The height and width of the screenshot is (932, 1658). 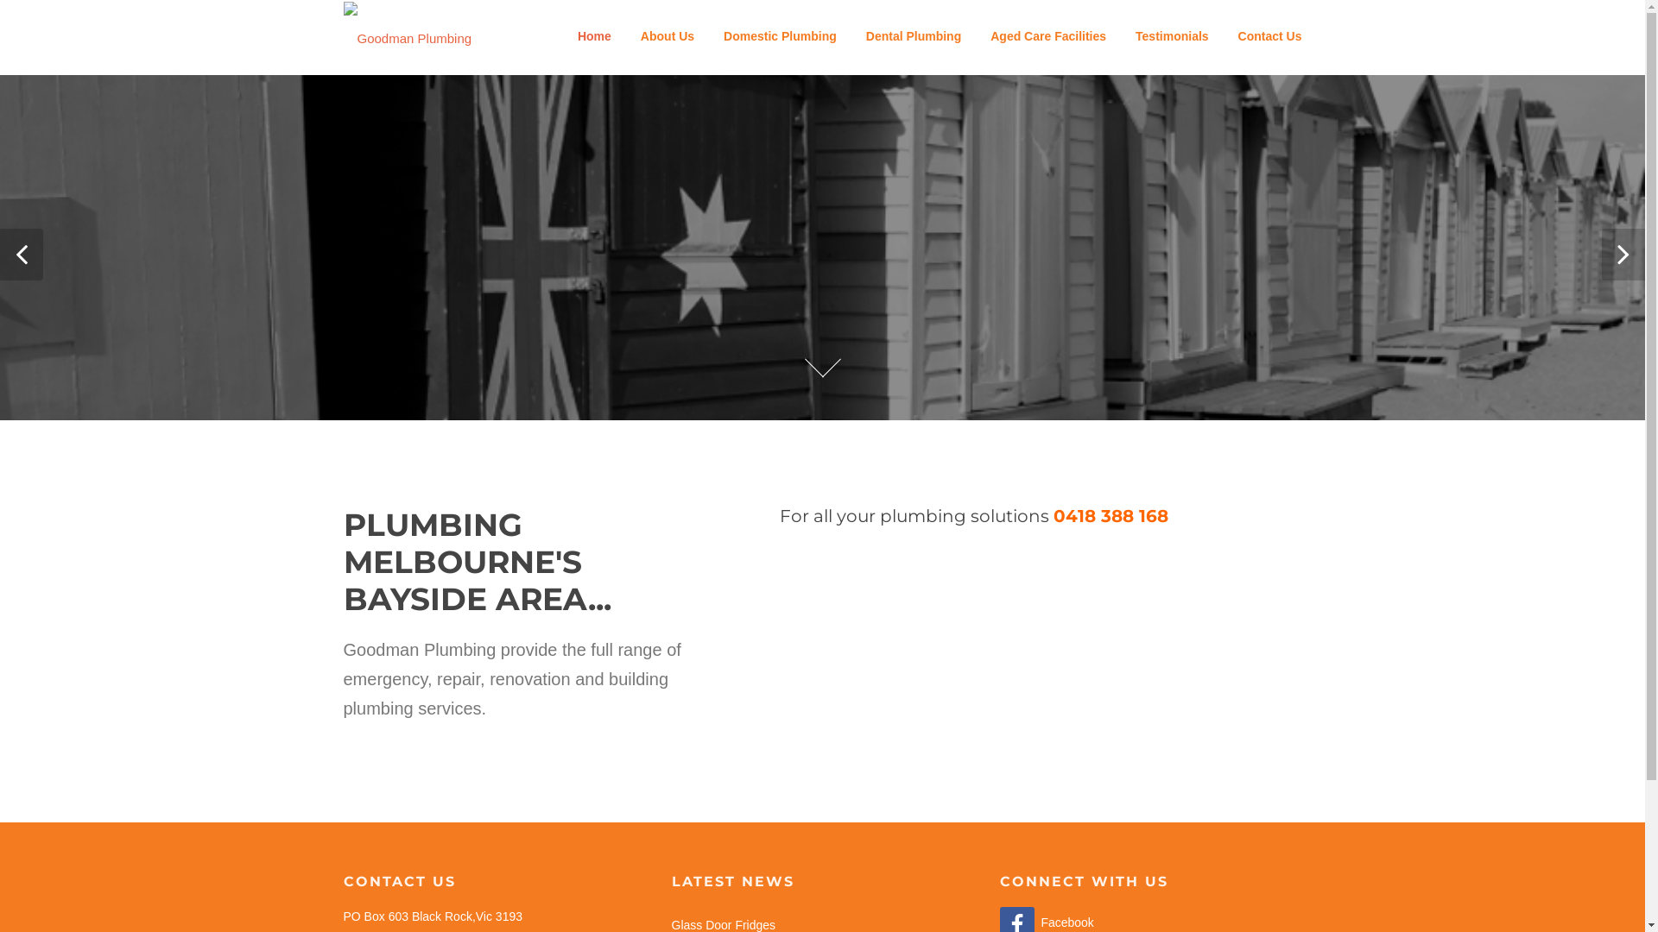 I want to click on 'Dental Plumbing', so click(x=912, y=36).